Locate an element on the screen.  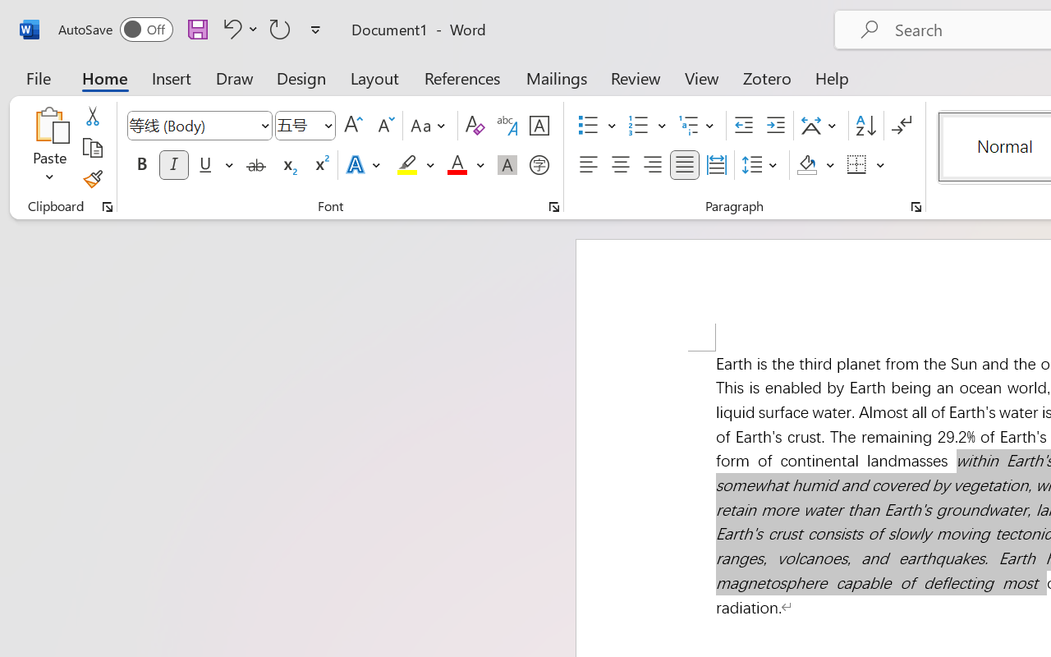
'Show/Hide Editing Marks' is located at coordinates (901, 126).